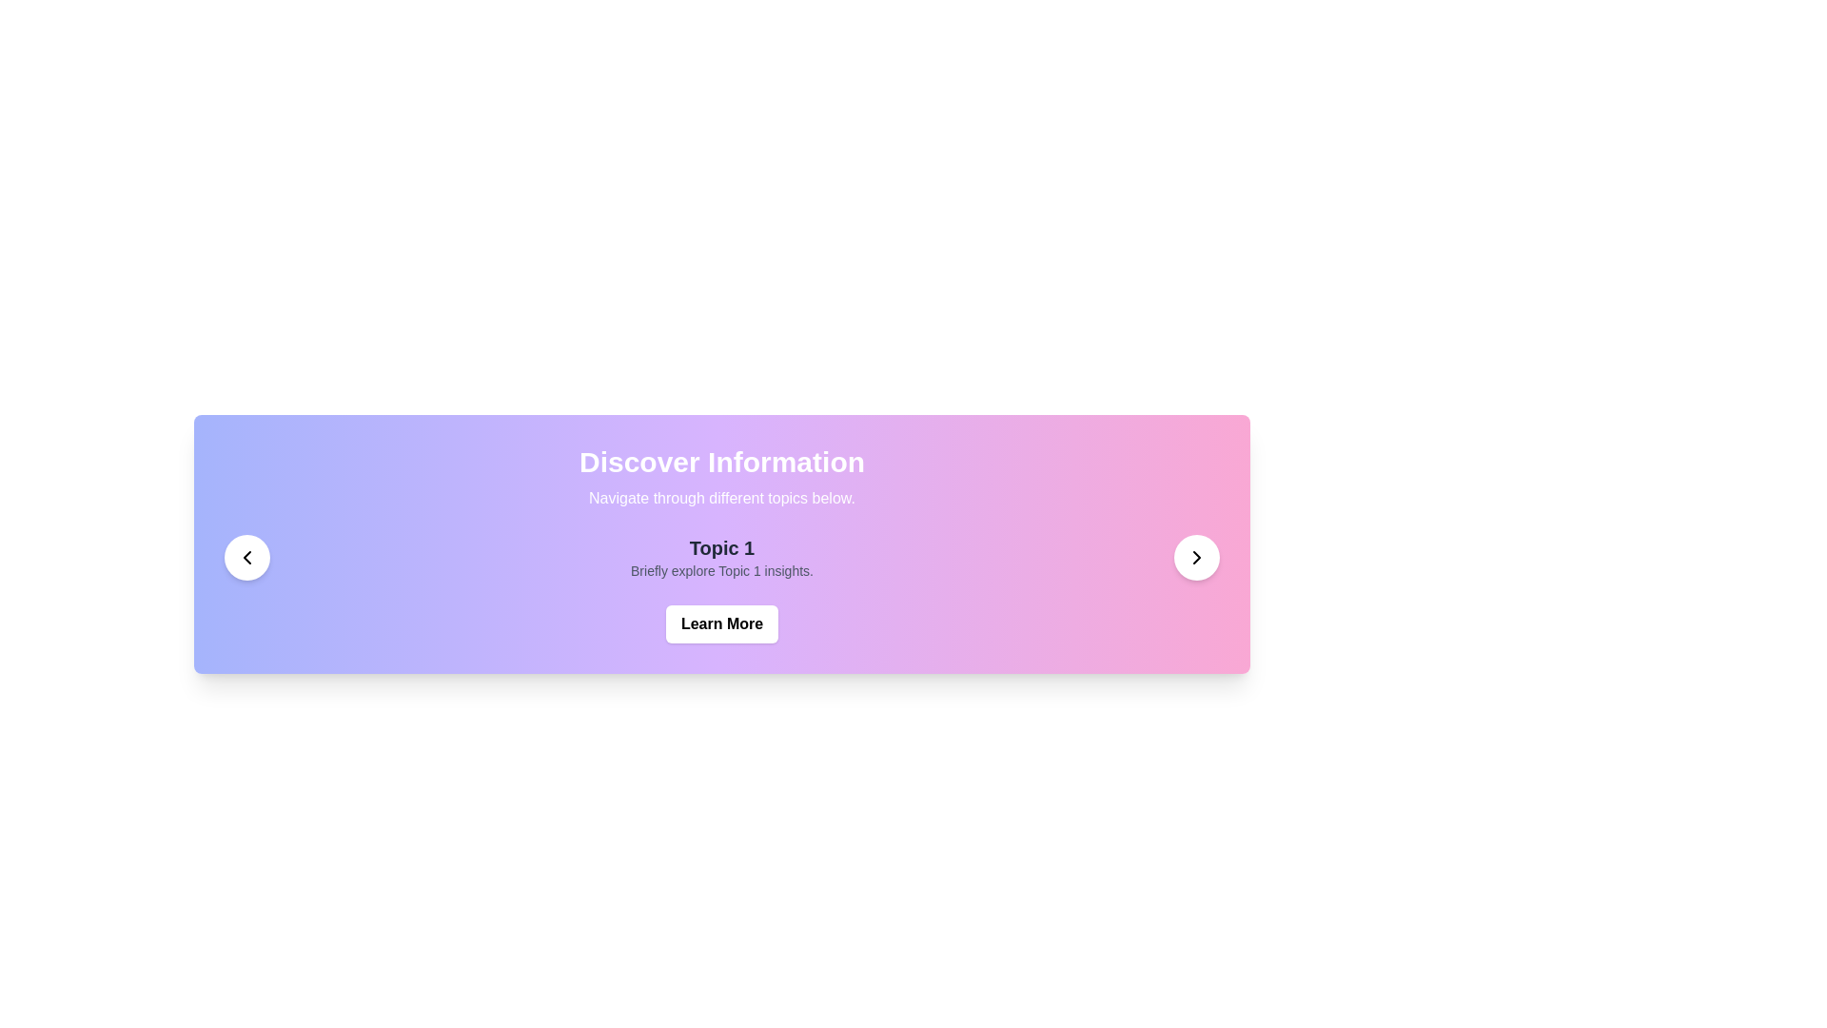 This screenshot has width=1827, height=1028. What do you see at coordinates (1195, 557) in the screenshot?
I see `the rightward-pointing arrow SVG icon inside the white circular button` at bounding box center [1195, 557].